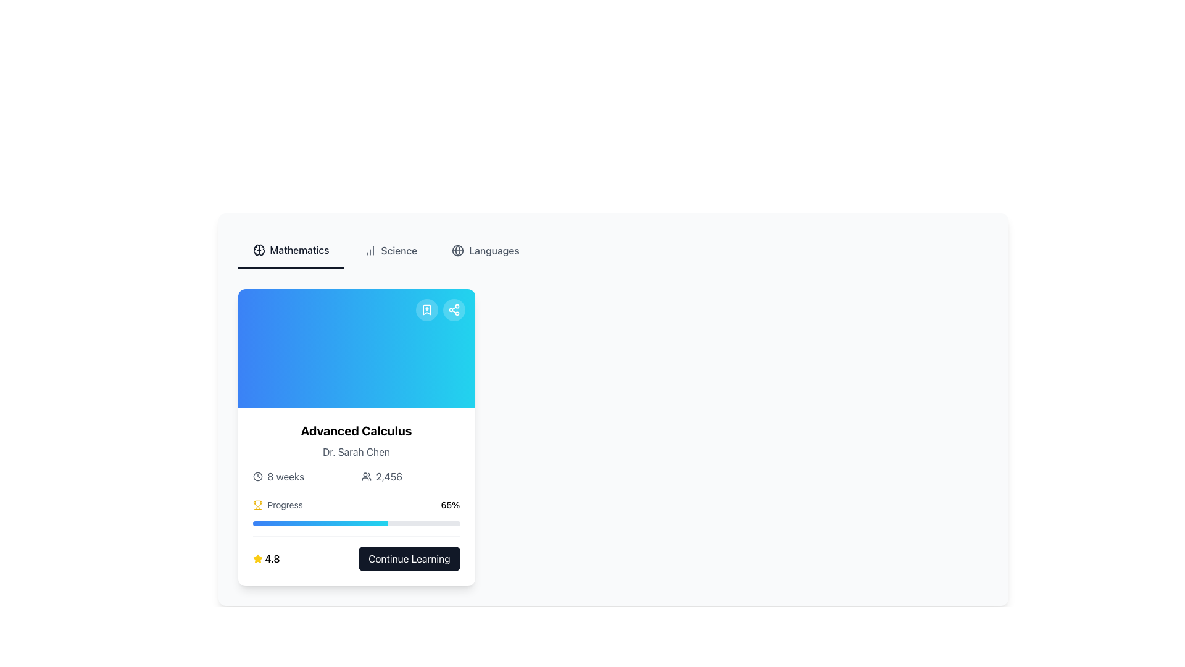 Image resolution: width=1185 pixels, height=667 pixels. I want to click on the Text label indicating the progress status for the course, which is positioned near the top-left of the 'Progress65%' segment, so click(277, 505).